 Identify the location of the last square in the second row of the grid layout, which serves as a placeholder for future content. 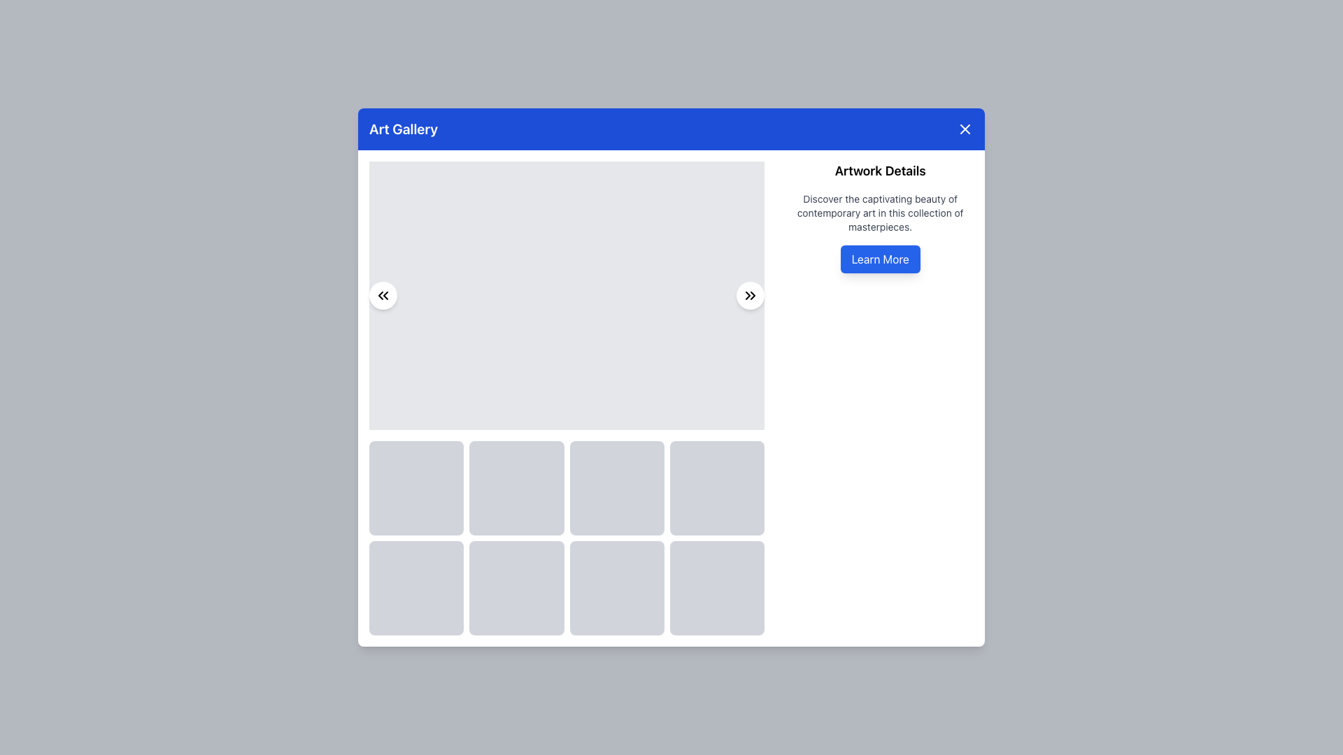
(717, 588).